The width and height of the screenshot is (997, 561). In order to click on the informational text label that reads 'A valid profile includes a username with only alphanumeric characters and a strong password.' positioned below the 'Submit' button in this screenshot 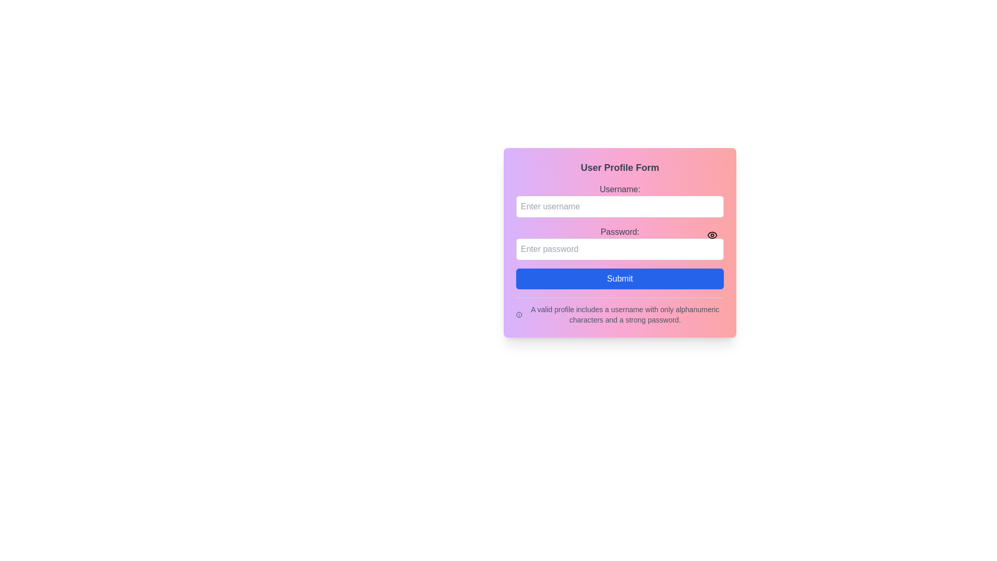, I will do `click(624, 314)`.